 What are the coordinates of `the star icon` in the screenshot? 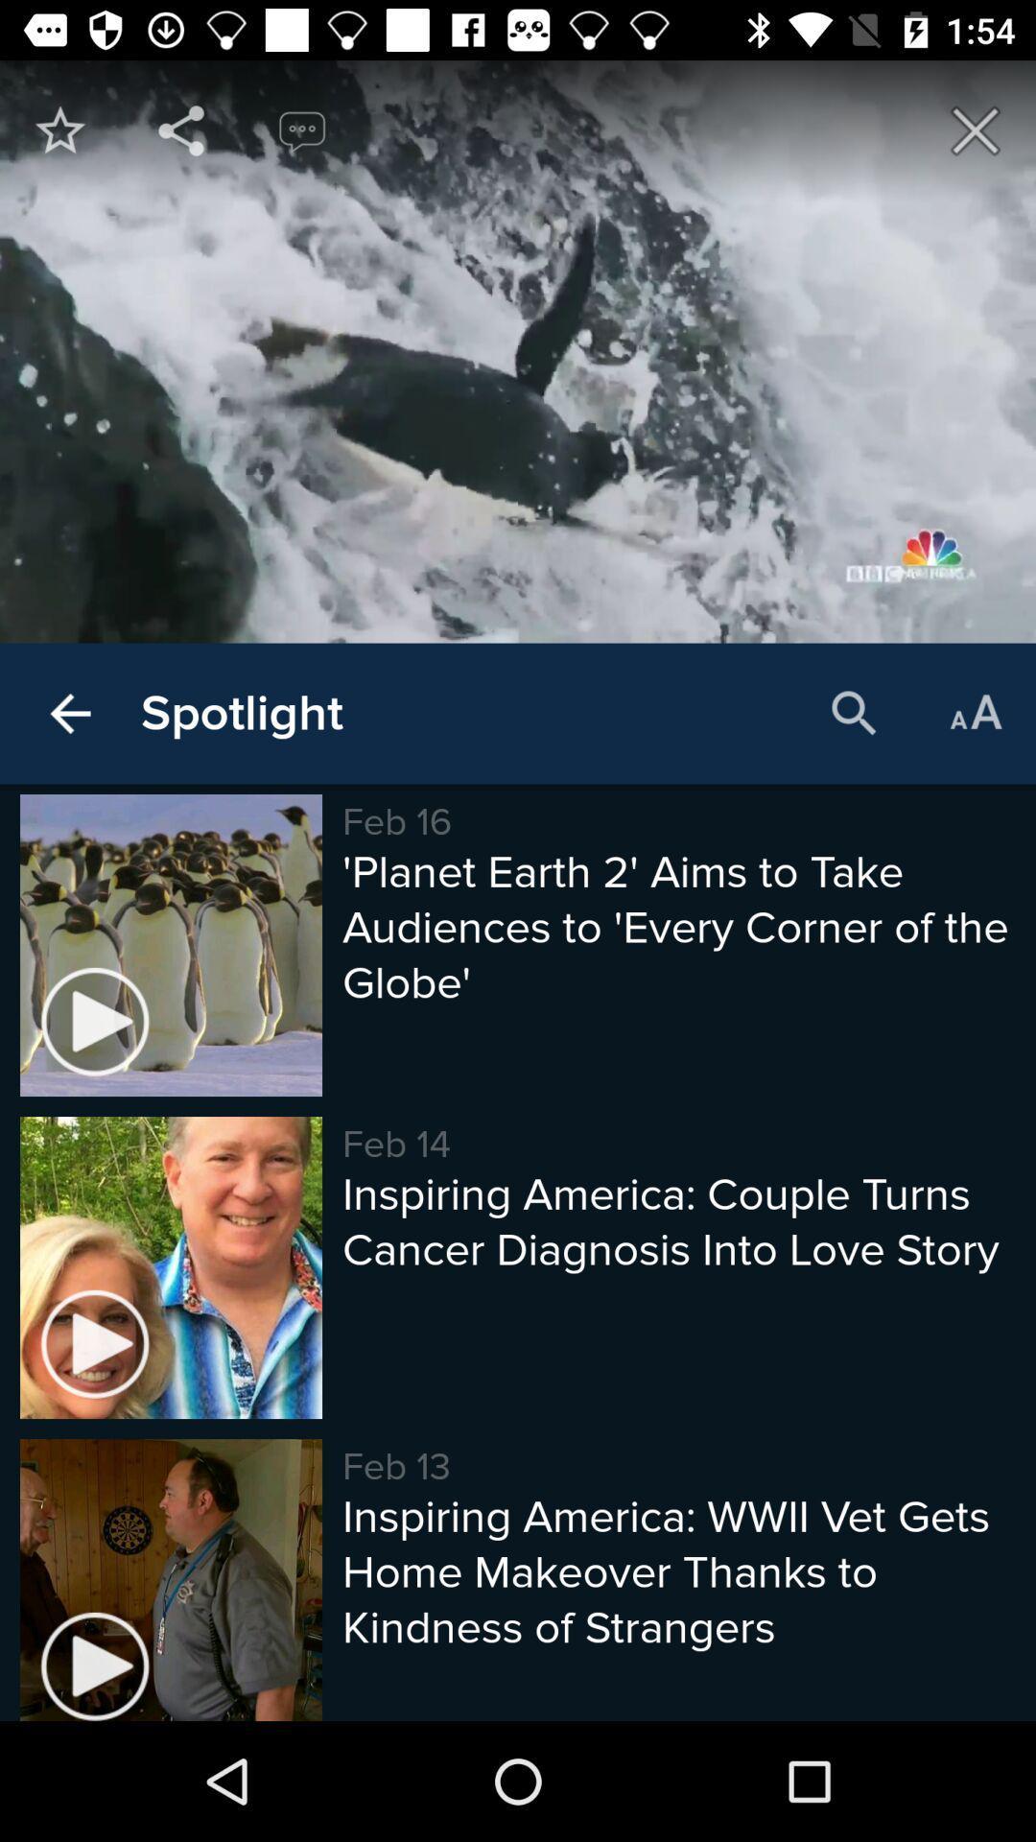 It's located at (59, 130).